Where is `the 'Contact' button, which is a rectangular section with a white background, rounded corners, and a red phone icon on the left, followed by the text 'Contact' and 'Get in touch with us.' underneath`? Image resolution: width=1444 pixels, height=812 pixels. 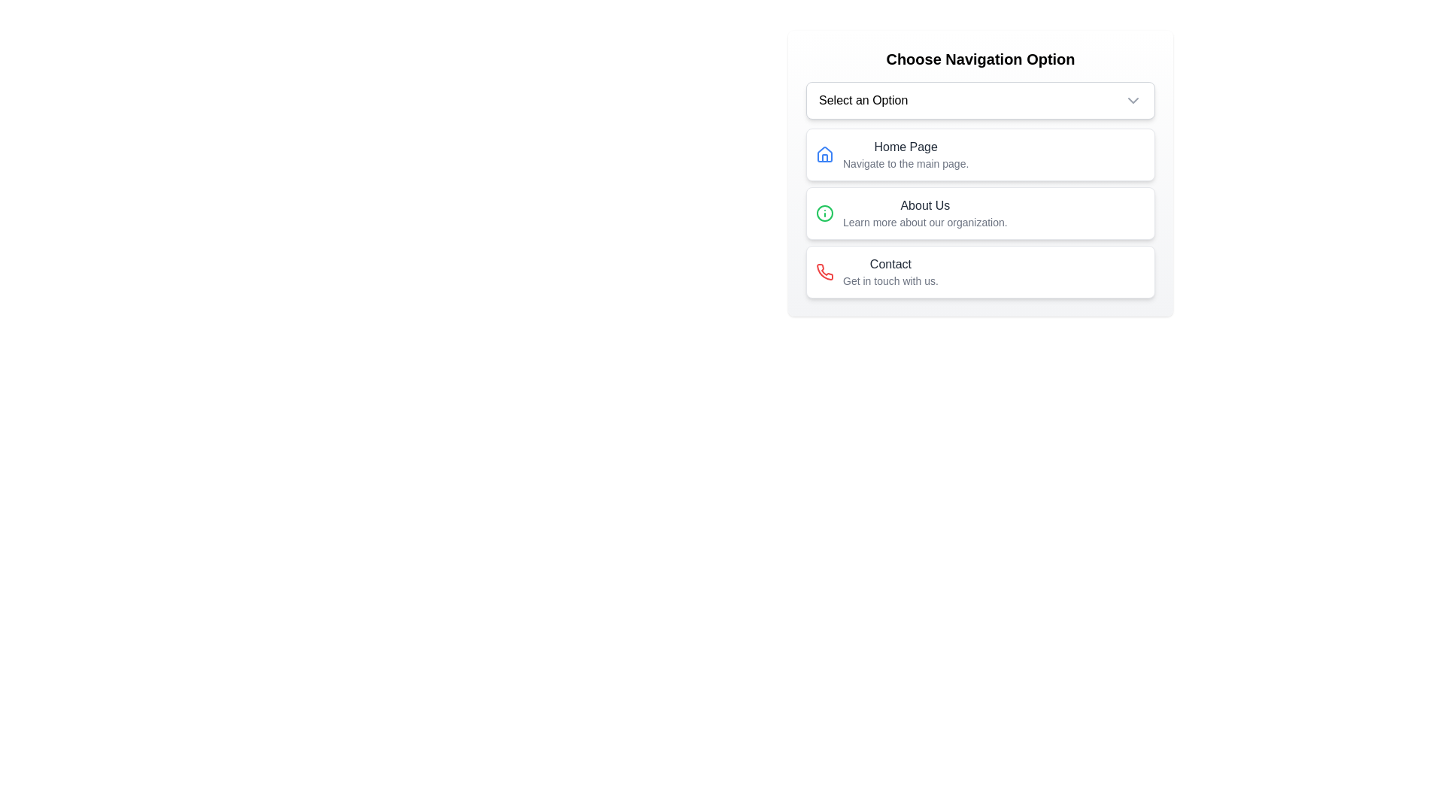
the 'Contact' button, which is a rectangular section with a white background, rounded corners, and a red phone icon on the left, followed by the text 'Contact' and 'Get in touch with us.' underneath is located at coordinates (981, 272).